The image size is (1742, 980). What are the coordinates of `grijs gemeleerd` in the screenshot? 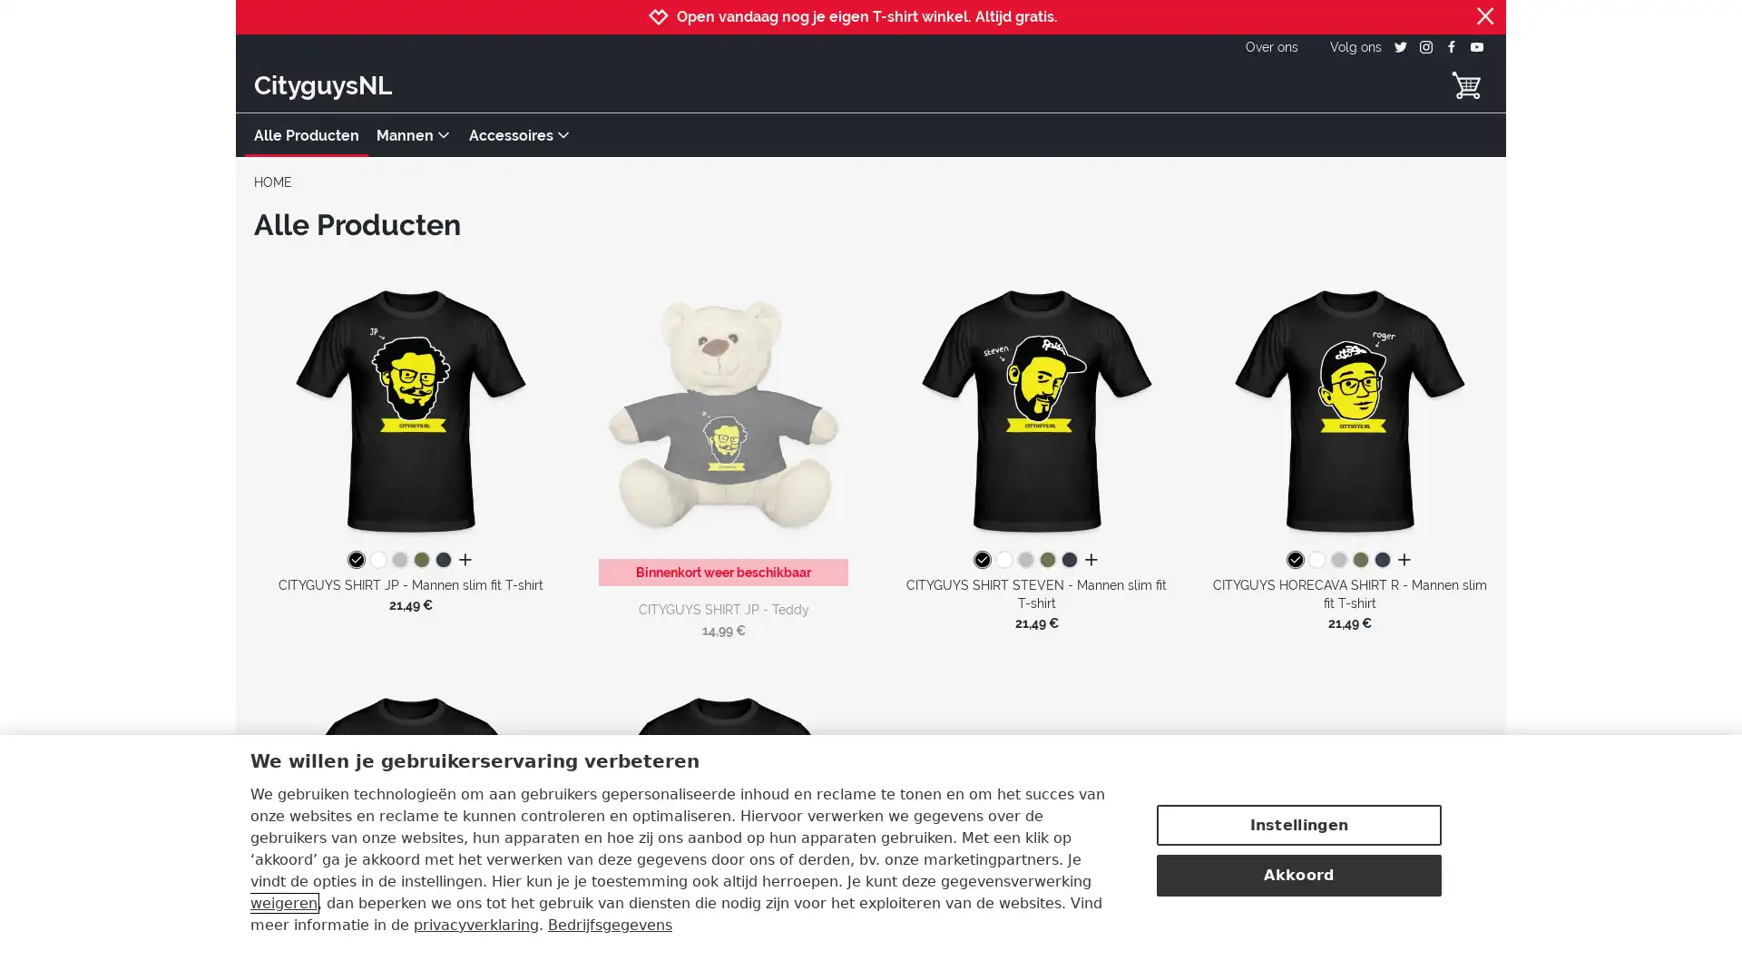 It's located at (398, 560).